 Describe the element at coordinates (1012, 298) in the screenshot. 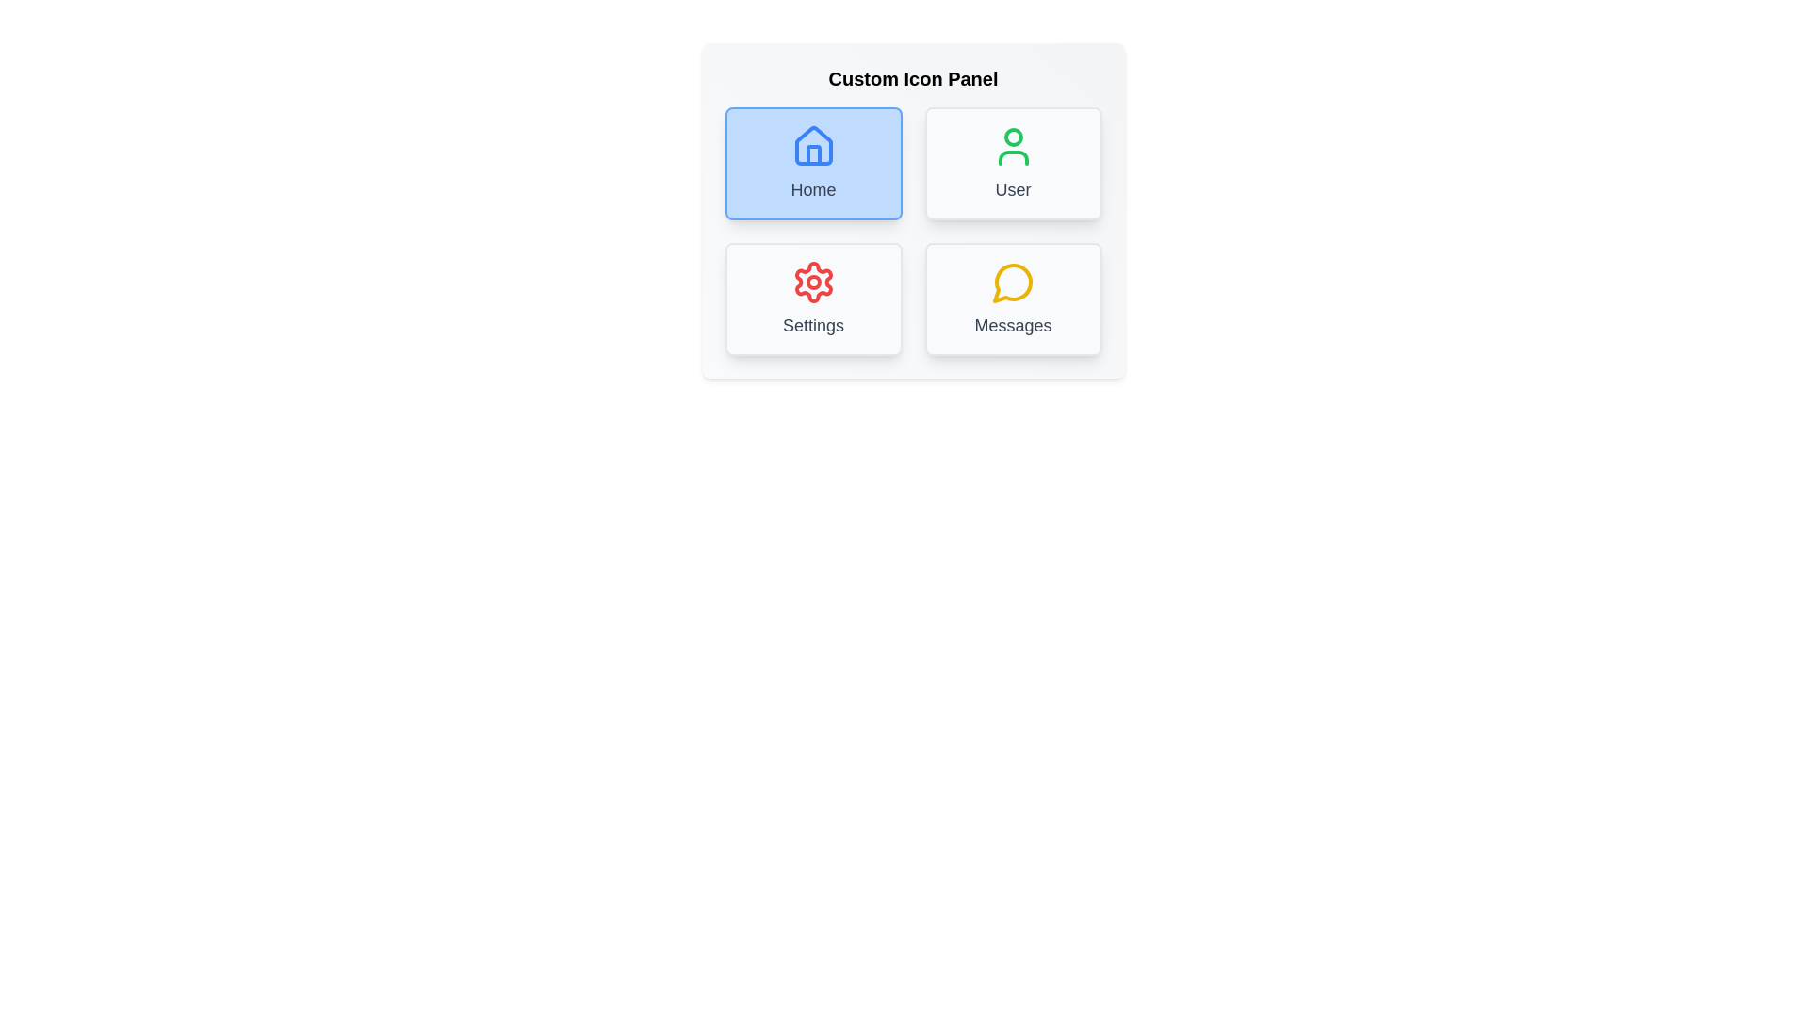

I see `the Messages icon to observe its hover effect` at that location.